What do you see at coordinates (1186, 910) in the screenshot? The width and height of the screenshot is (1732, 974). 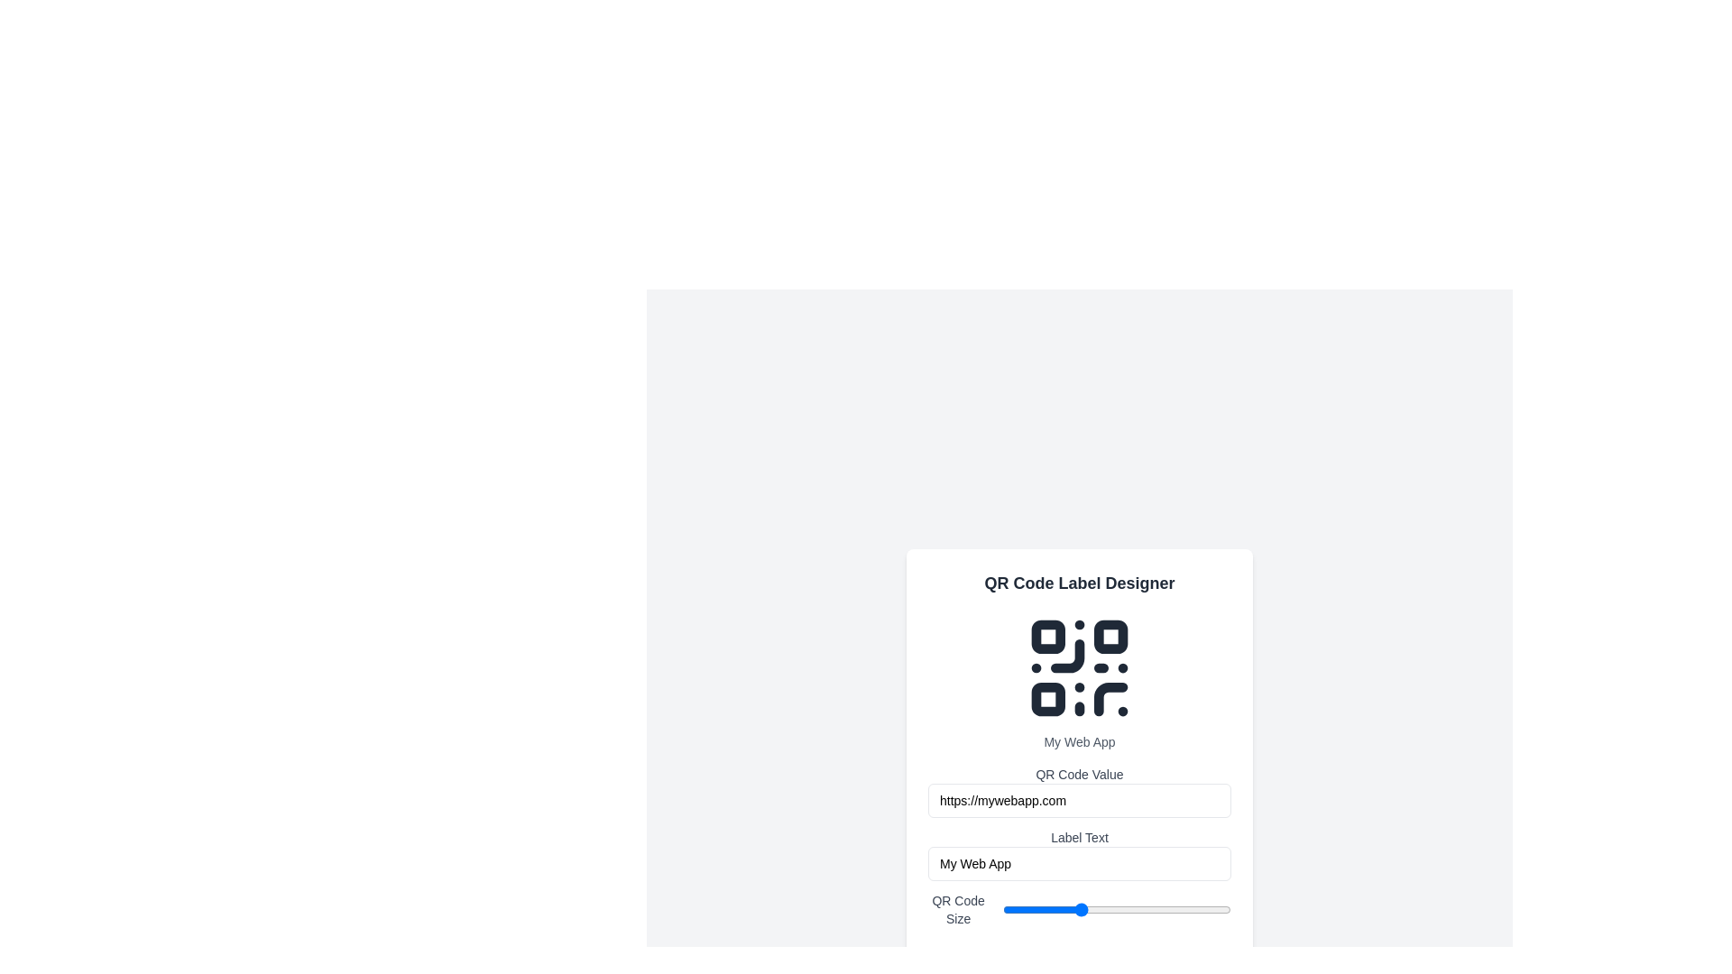 I see `the QR Code Size` at bounding box center [1186, 910].